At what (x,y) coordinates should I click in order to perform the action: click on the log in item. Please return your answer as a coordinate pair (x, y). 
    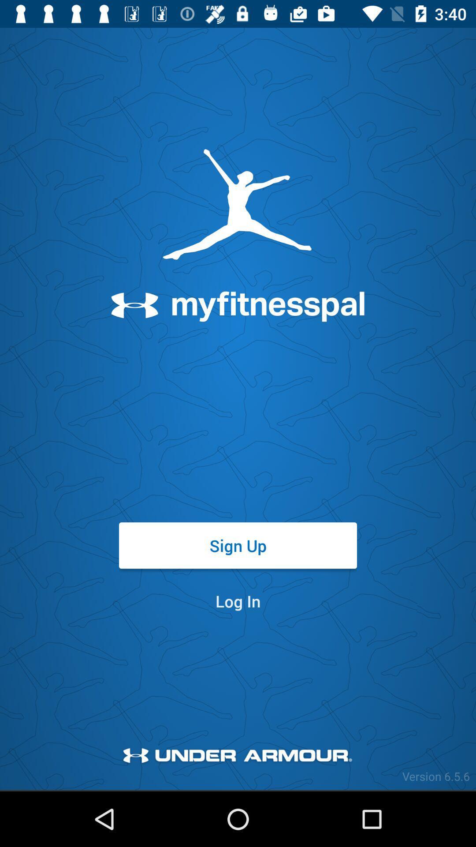
    Looking at the image, I should click on (238, 600).